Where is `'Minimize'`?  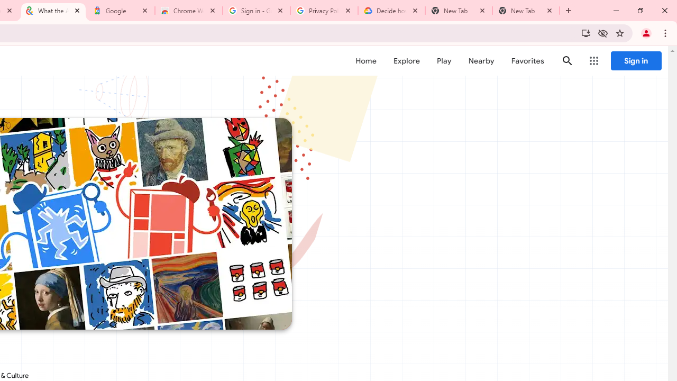 'Minimize' is located at coordinates (616, 11).